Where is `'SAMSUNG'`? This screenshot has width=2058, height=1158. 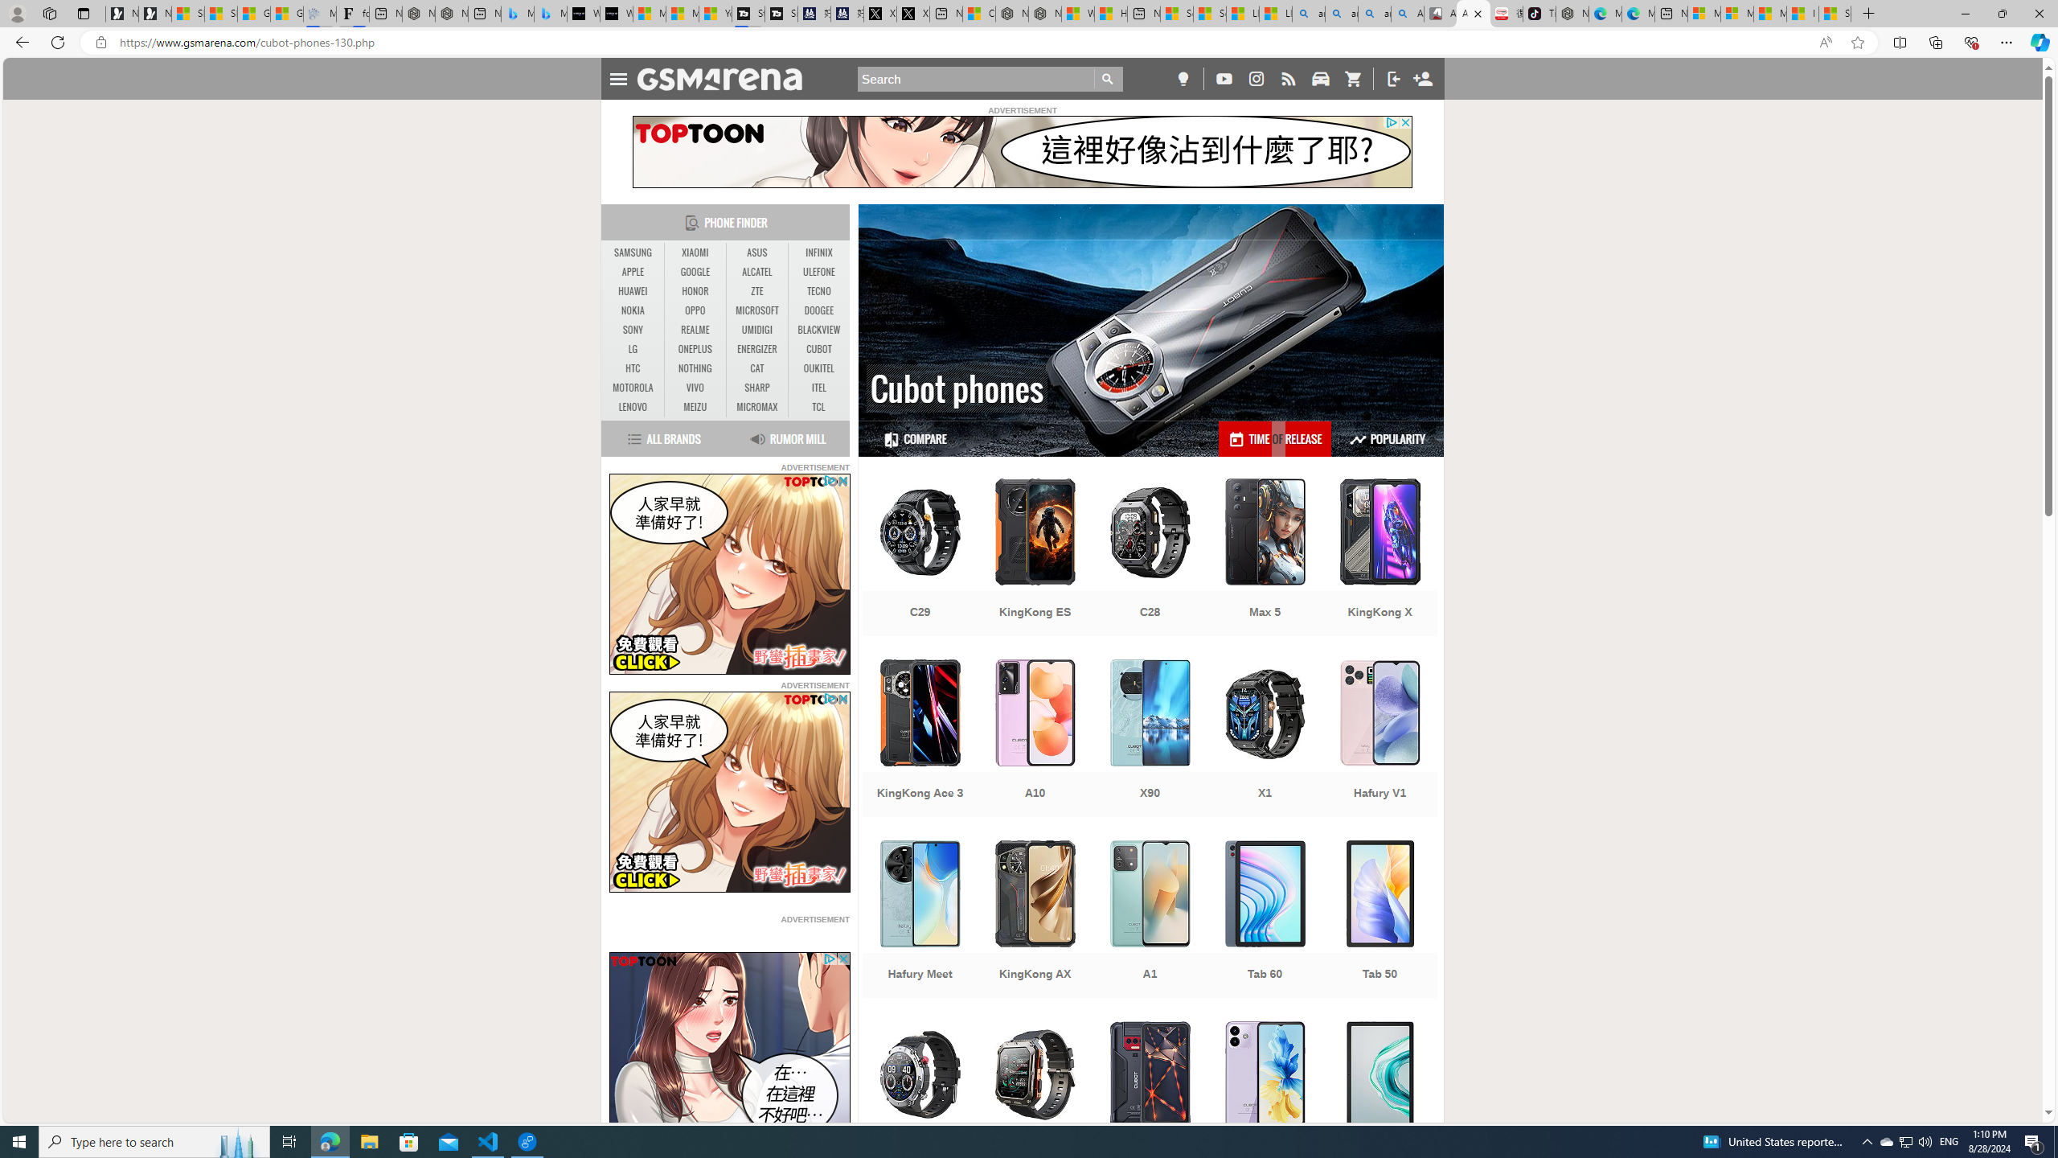 'SAMSUNG' is located at coordinates (633, 253).